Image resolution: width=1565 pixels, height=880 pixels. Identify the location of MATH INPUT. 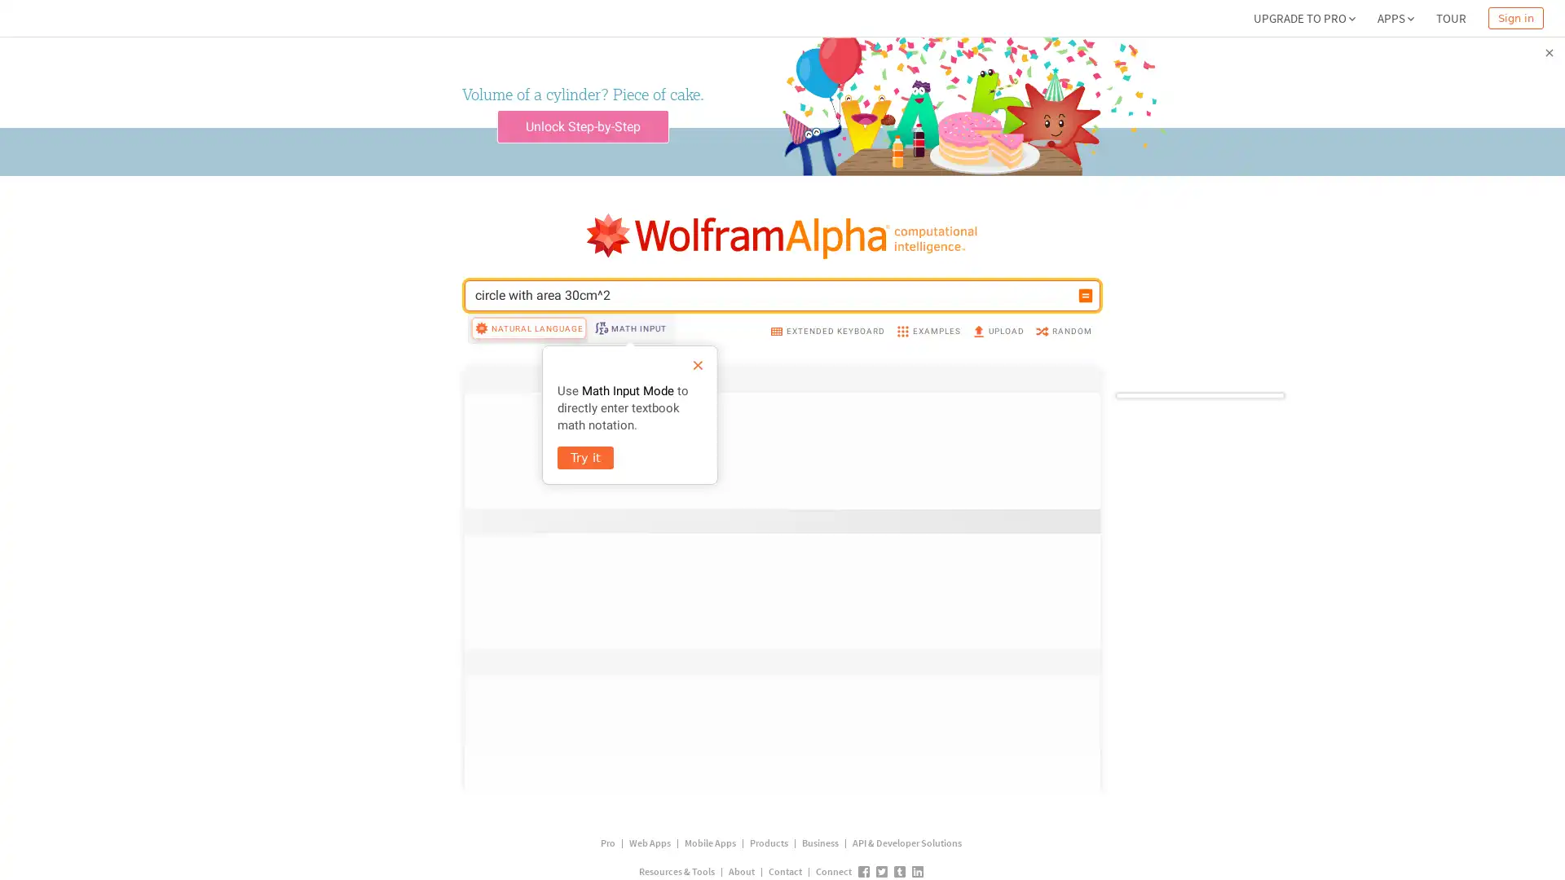
(628, 328).